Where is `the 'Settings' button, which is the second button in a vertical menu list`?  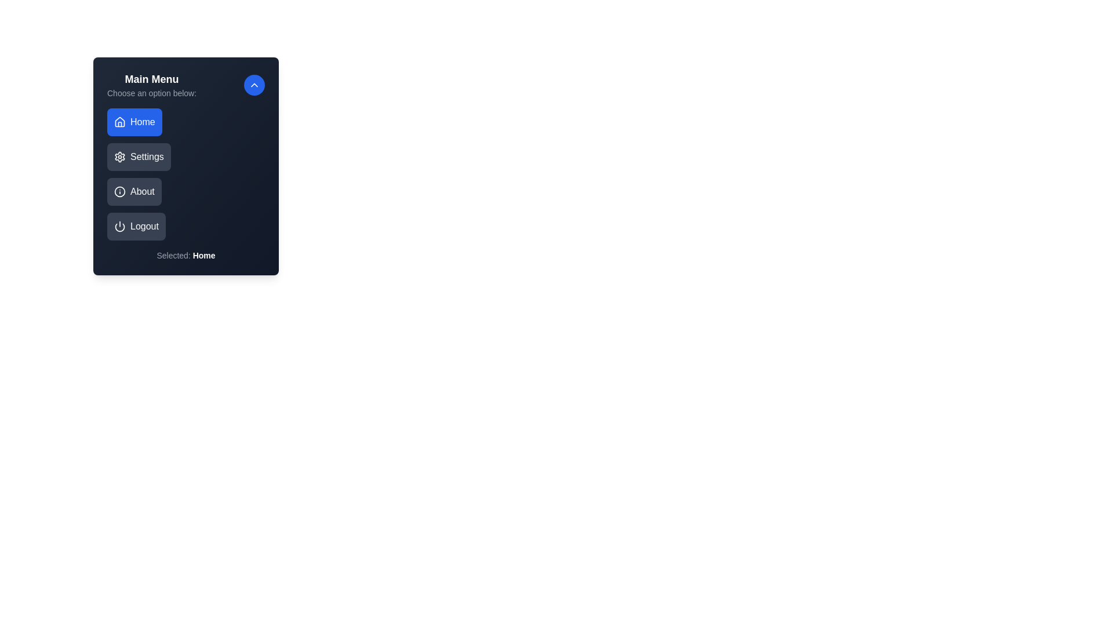
the 'Settings' button, which is the second button in a vertical menu list is located at coordinates (139, 156).